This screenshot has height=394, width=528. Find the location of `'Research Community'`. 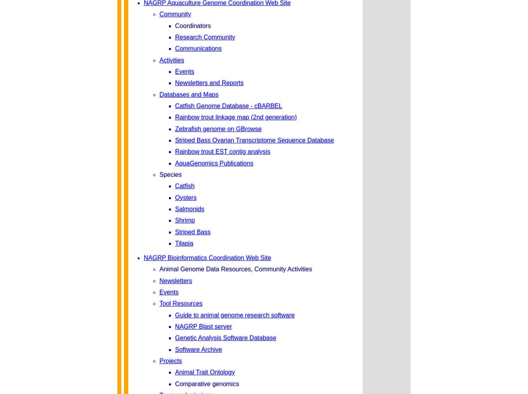

'Research Community' is located at coordinates (204, 36).